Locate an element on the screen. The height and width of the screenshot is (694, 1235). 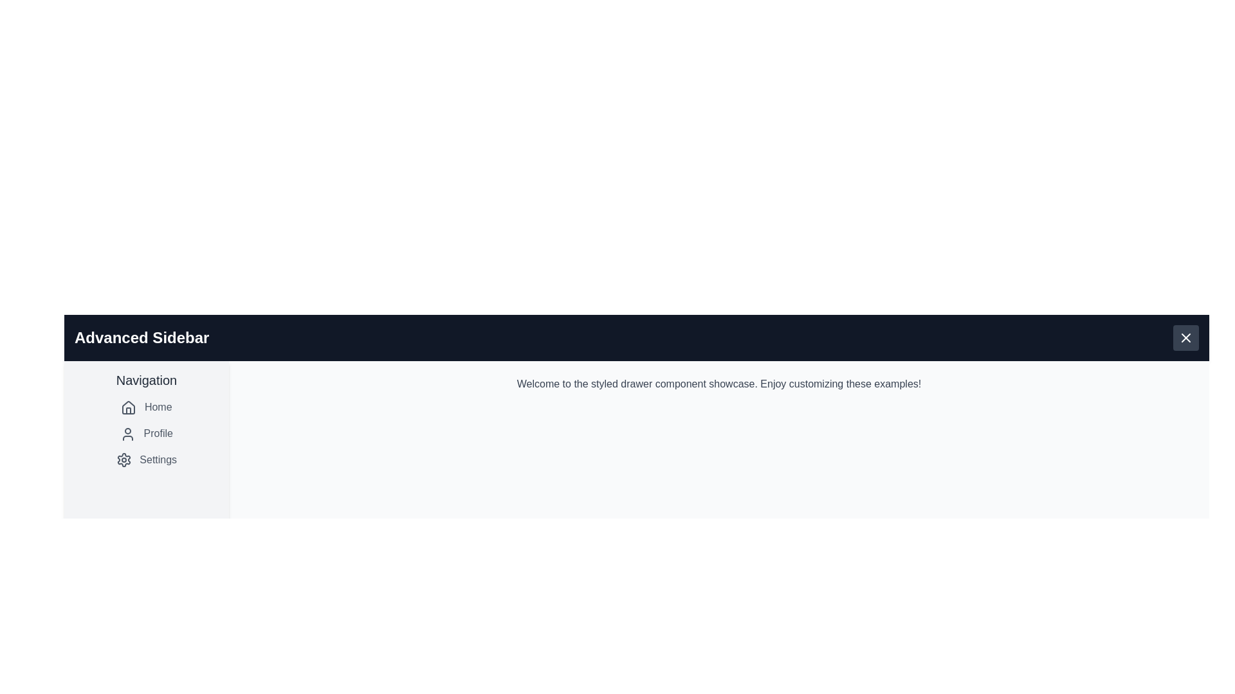
the settings gear icon located in the 'Settings' section of the vertical navigation menu is located at coordinates (123, 459).